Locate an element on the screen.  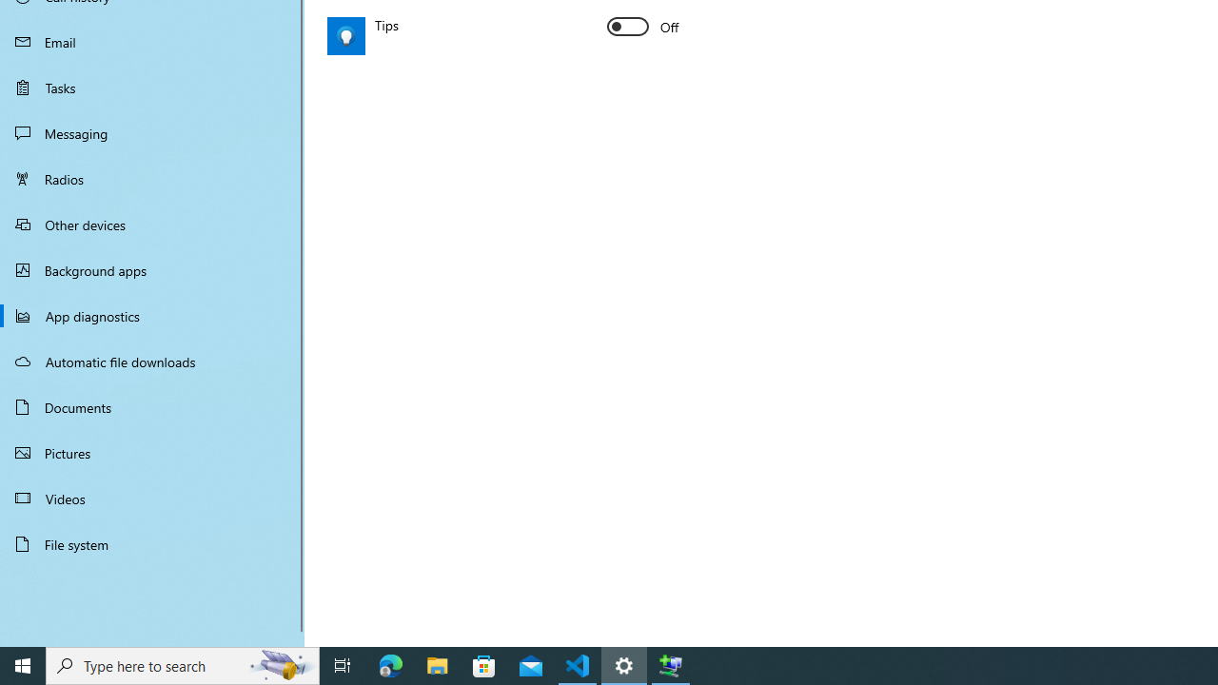
'Extensible Wizards Host Process - 1 running window' is located at coordinates (671, 664).